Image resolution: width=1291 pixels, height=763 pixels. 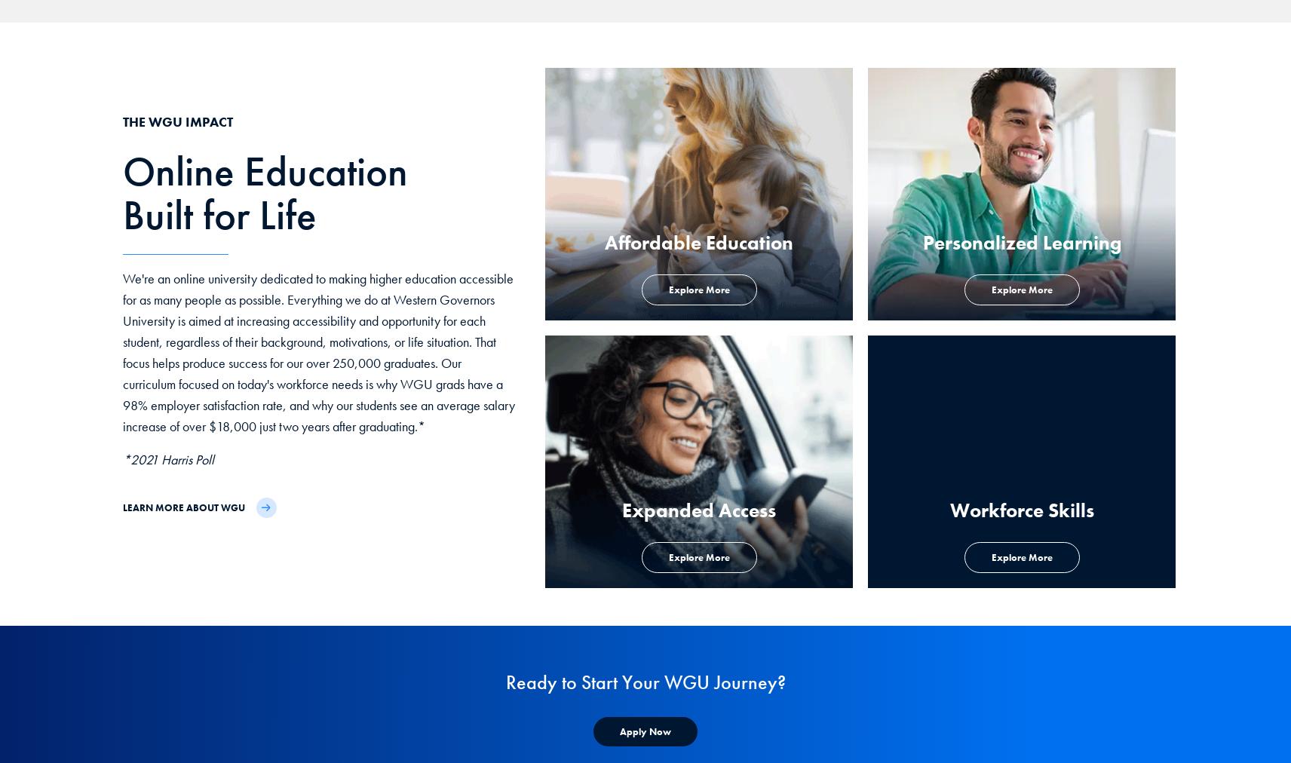 What do you see at coordinates (698, 510) in the screenshot?
I see `'Expanded Access'` at bounding box center [698, 510].